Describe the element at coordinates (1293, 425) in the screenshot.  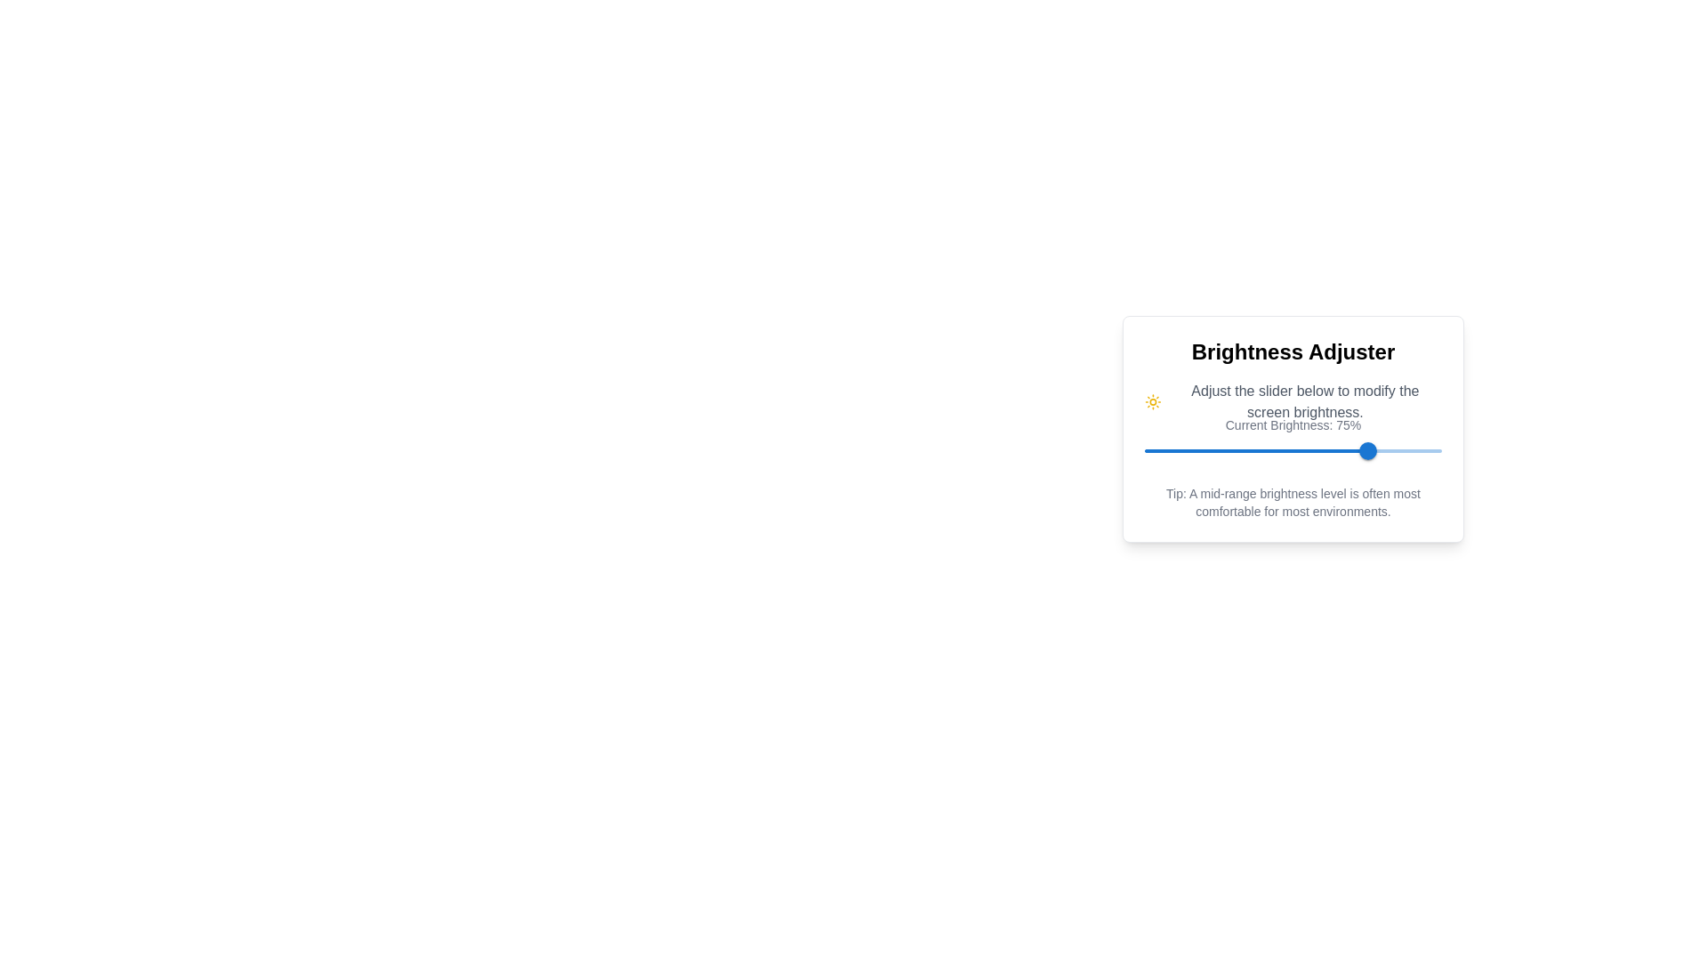
I see `the brightness level text label that displays '75%' above the associated slider control` at that location.